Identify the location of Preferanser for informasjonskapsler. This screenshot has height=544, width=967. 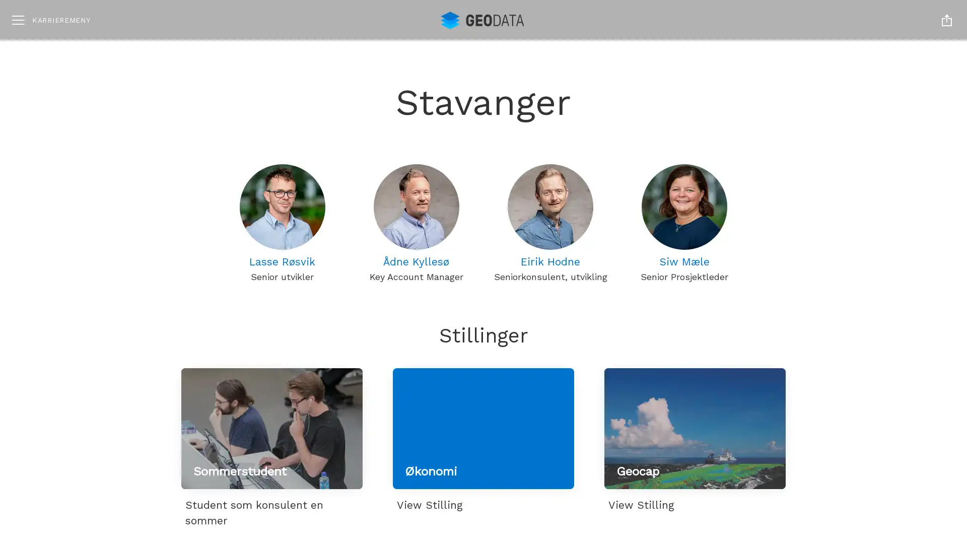
(852, 489).